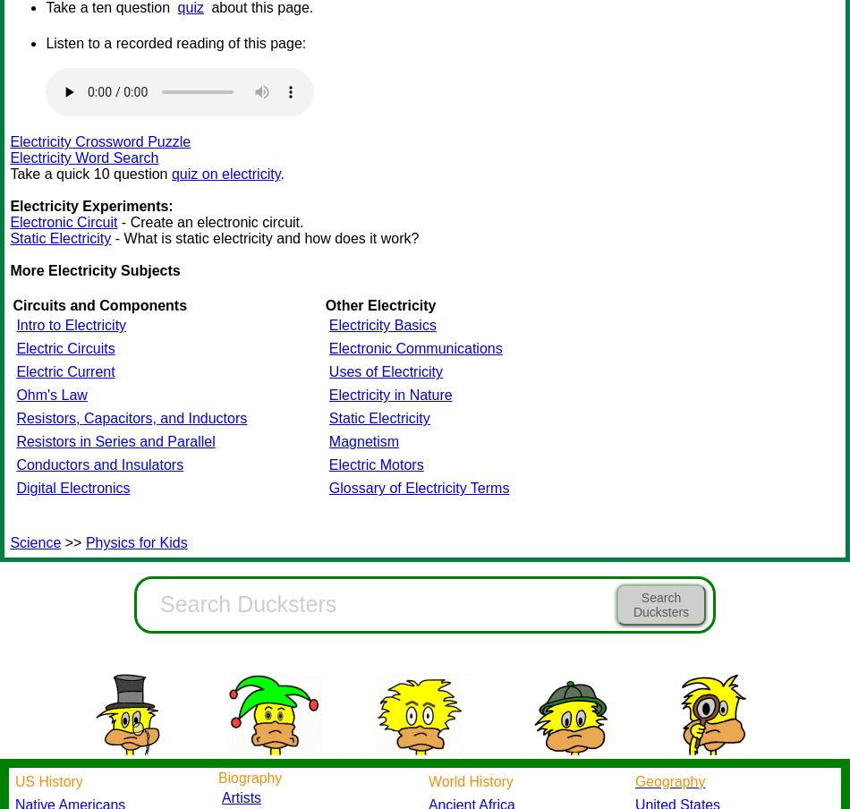 The image size is (850, 809). Describe the element at coordinates (381, 324) in the screenshot. I see `'Electricity Basics'` at that location.